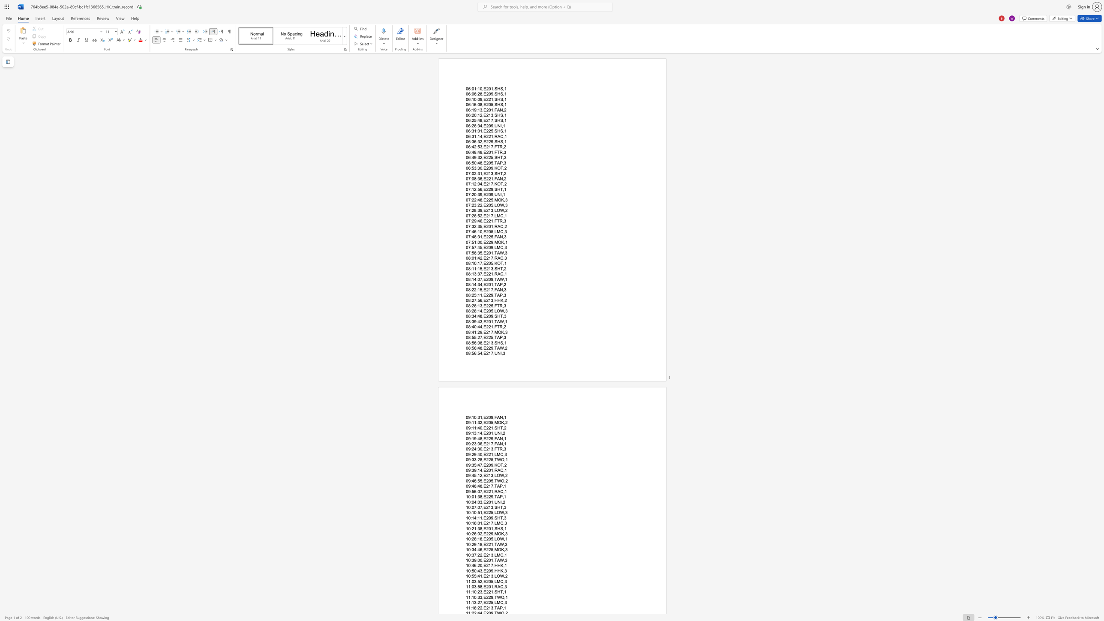  I want to click on the space between the continuous character "2" and "2" in the text, so click(488, 242).